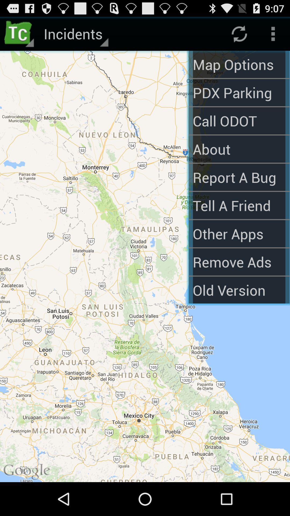 The image size is (290, 516). Describe the element at coordinates (239, 64) in the screenshot. I see `item next to incidents icon` at that location.